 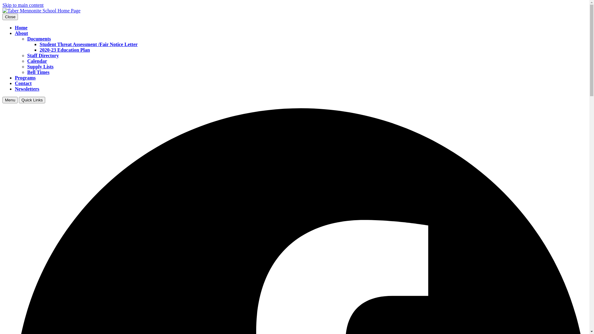 I want to click on 'Skip to main content', so click(x=2, y=5).